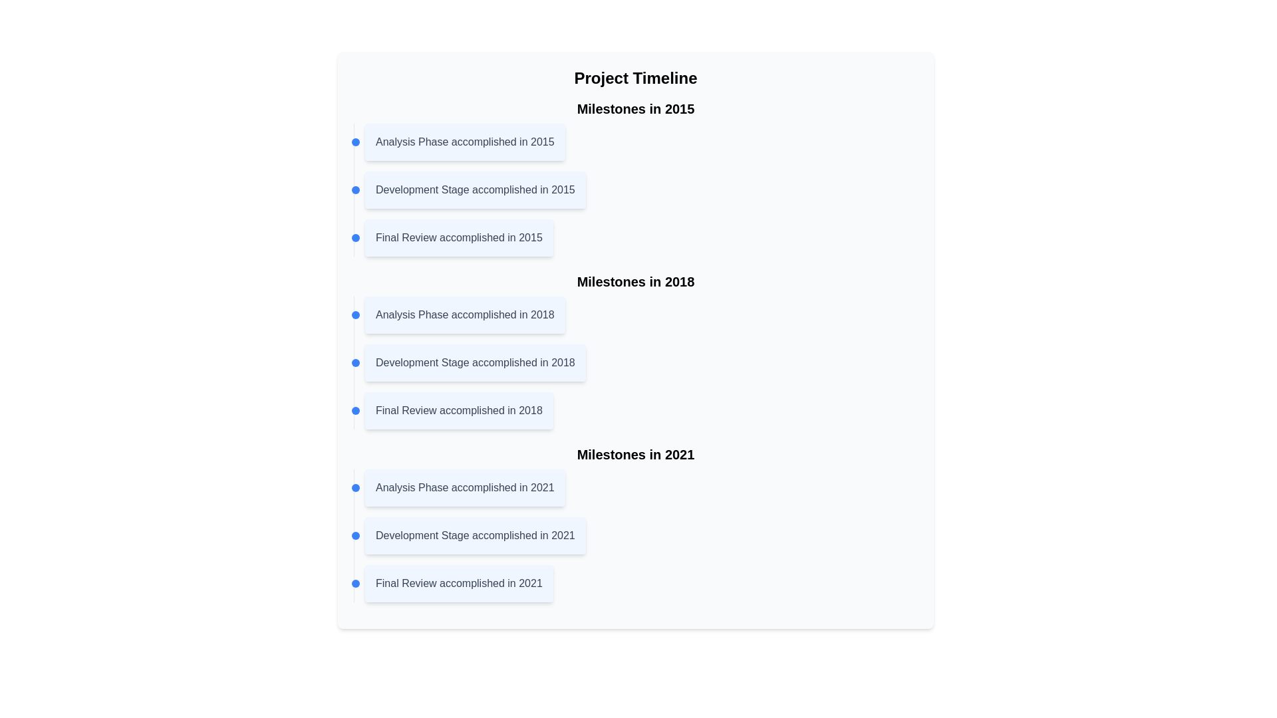 The width and height of the screenshot is (1277, 718). Describe the element at coordinates (355, 410) in the screenshot. I see `the milestone icon located slightly above and to the left of the text 'Final Review accomplished in 2018' in the 'Milestones in 2018' section` at that location.